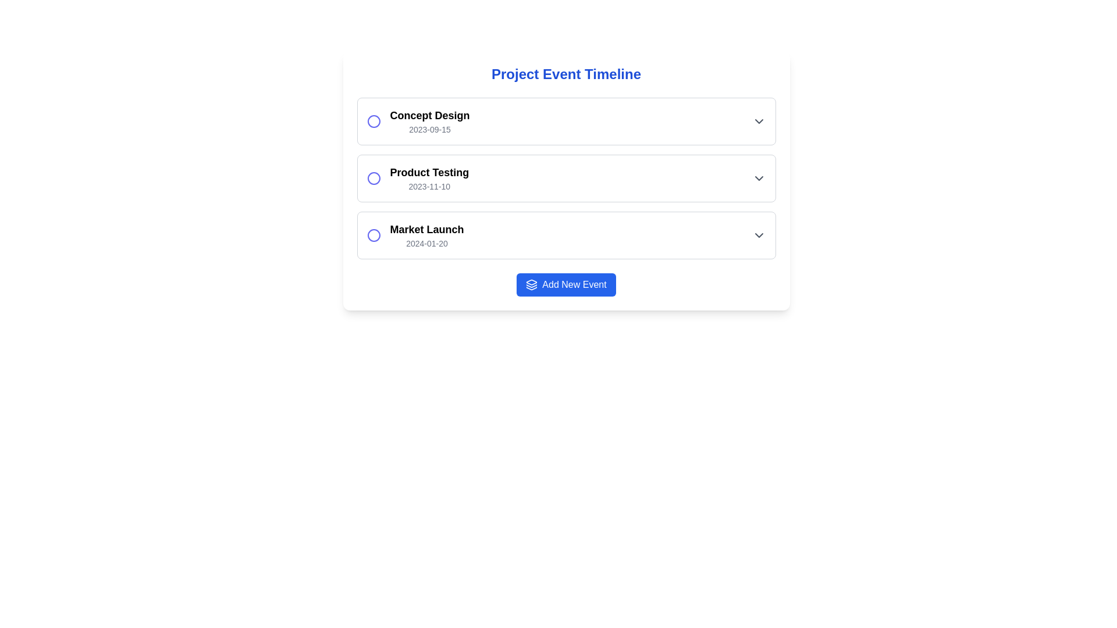  What do you see at coordinates (429, 130) in the screenshot?
I see `the non-interactive text label indicating the date for the 'Concept Design' event, which is located beneath the 'Concept Design' text within the first item of a vertical list` at bounding box center [429, 130].